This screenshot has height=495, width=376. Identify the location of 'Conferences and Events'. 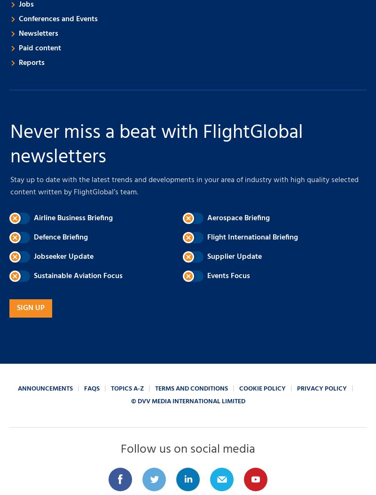
(58, 19).